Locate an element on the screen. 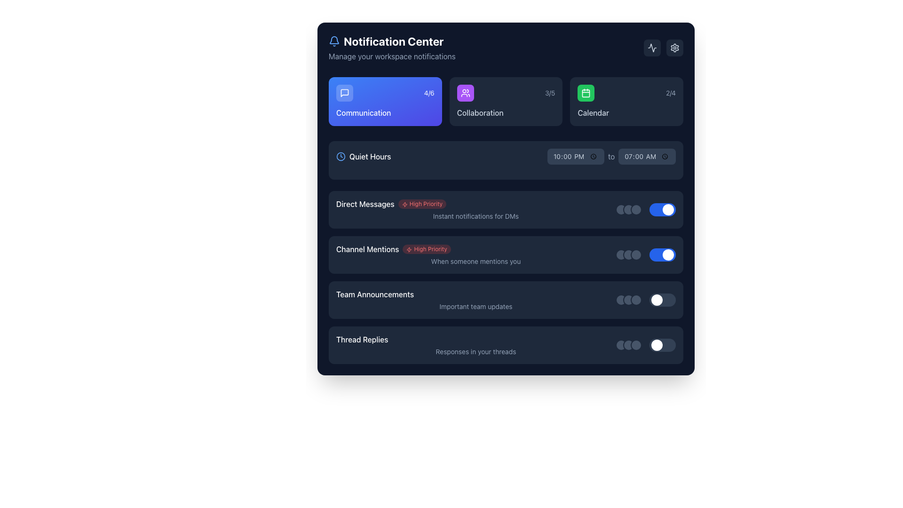  the 'Calendar' button located in the top-right section of the grid is located at coordinates (626, 102).